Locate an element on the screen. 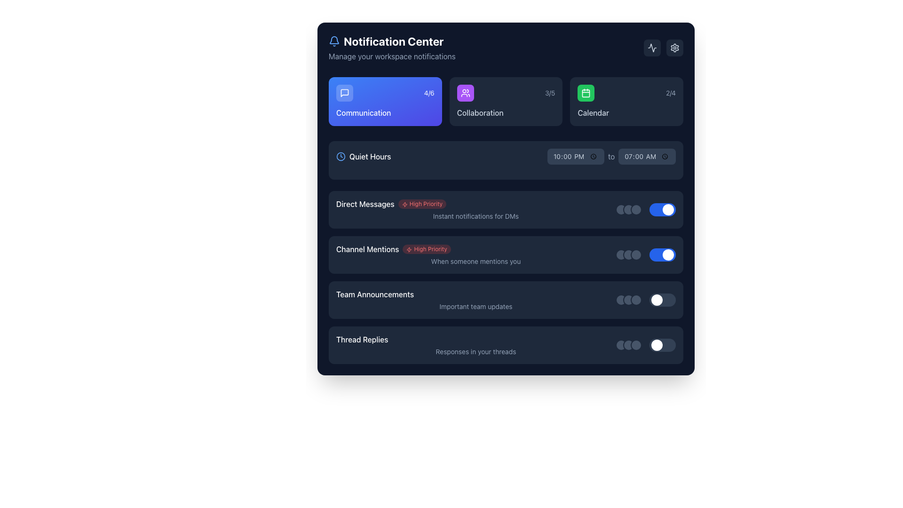  the 'Calendar' button located in the top-right section of the grid is located at coordinates (626, 102).